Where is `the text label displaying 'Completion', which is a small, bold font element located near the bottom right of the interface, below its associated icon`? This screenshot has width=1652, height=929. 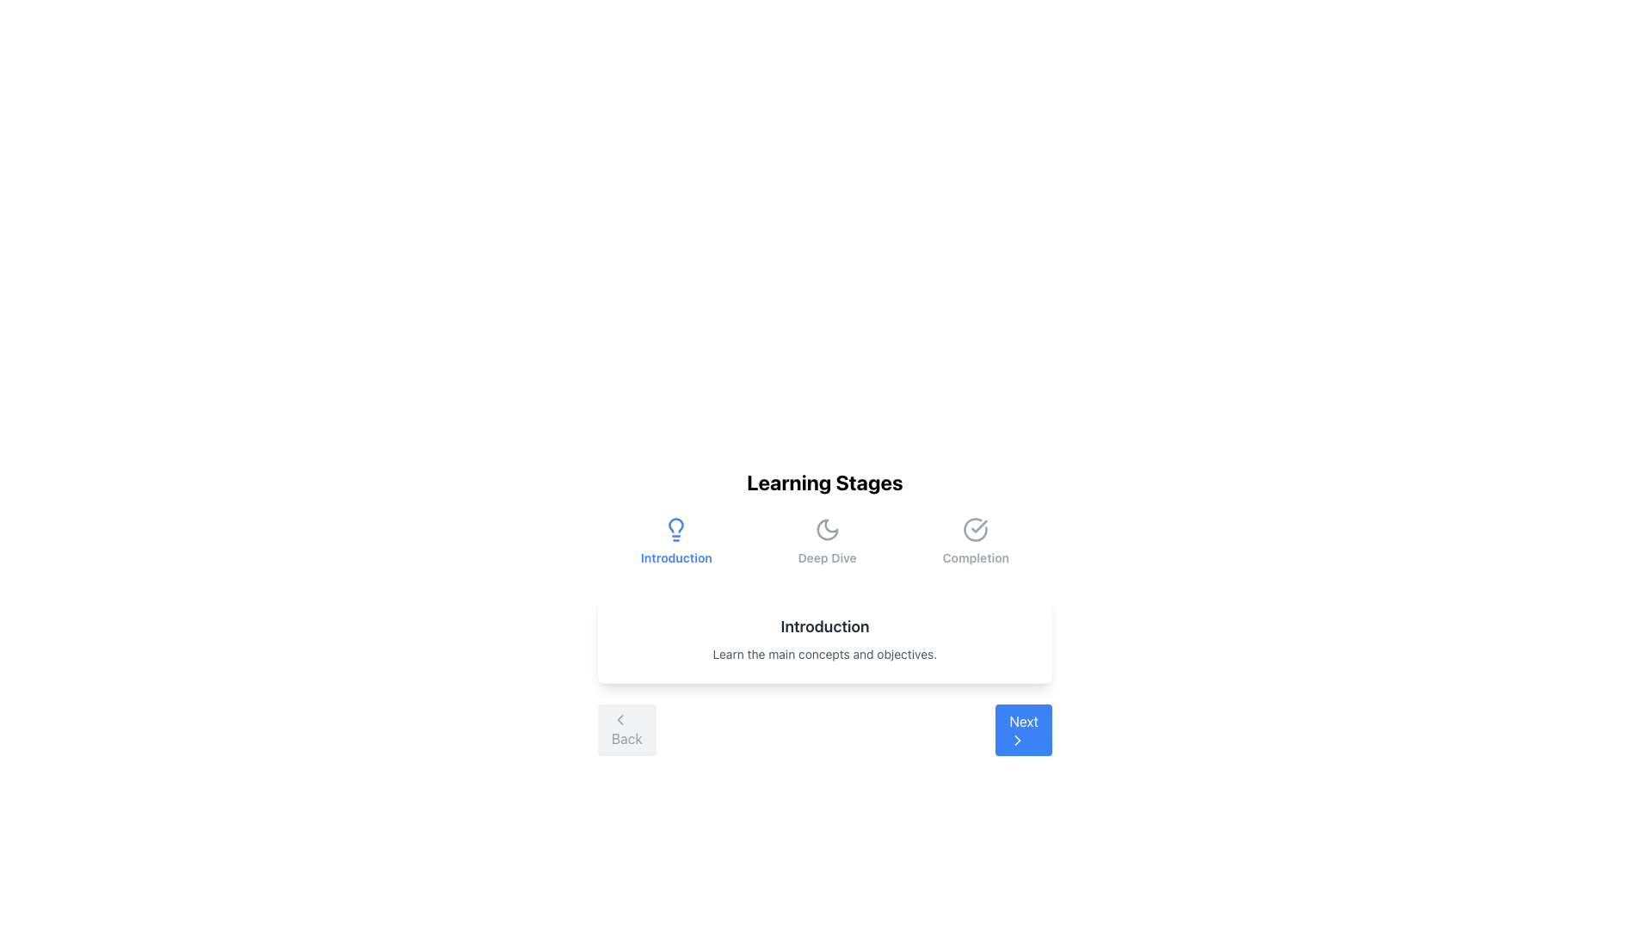
the text label displaying 'Completion', which is a small, bold font element located near the bottom right of the interface, below its associated icon is located at coordinates (976, 557).